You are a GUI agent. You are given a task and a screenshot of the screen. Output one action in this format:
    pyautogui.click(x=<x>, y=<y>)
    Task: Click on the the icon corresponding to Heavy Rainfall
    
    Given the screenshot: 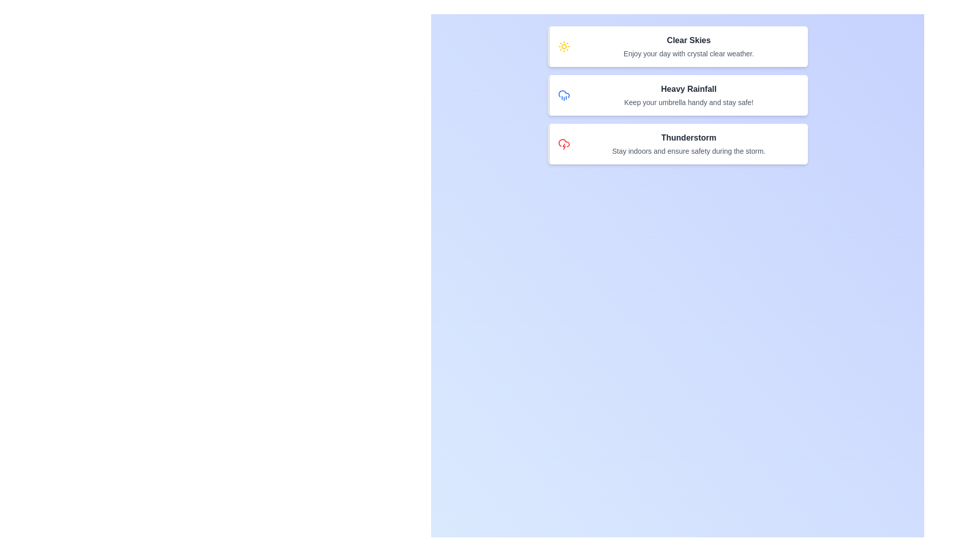 What is the action you would take?
    pyautogui.click(x=563, y=95)
    